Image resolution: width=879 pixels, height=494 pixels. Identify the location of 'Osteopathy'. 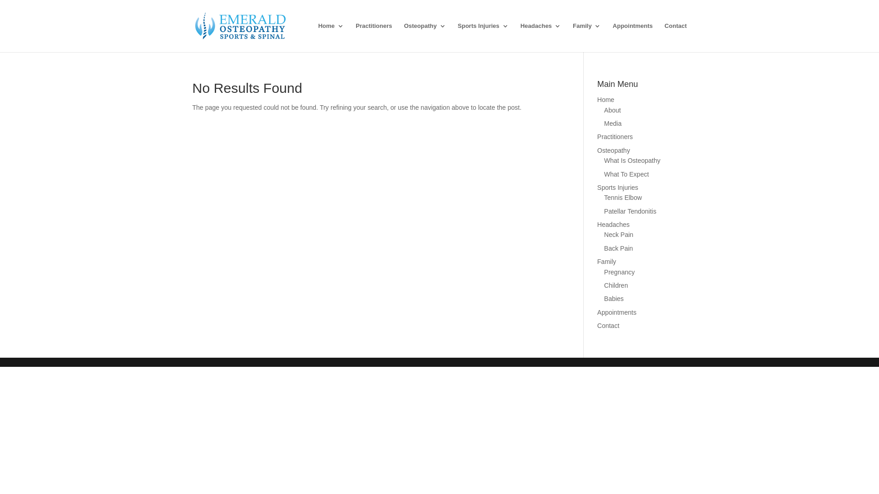
(403, 37).